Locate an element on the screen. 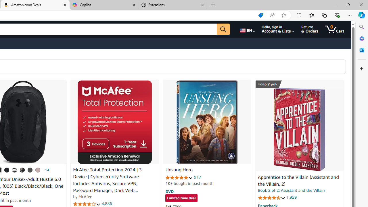  'Limited time deal' is located at coordinates (181, 198).